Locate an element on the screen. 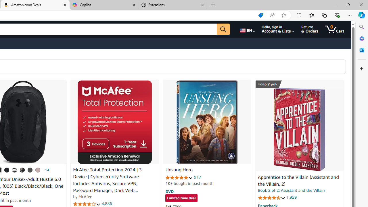  'Limited time deal' is located at coordinates (181, 198).